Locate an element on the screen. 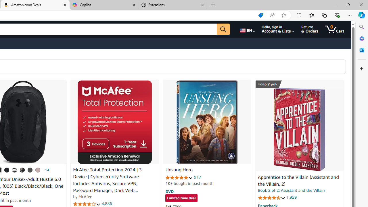  'Limited time deal' is located at coordinates (181, 198).